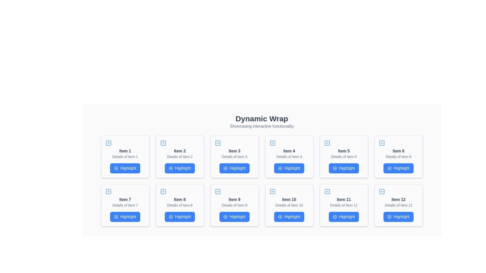 The height and width of the screenshot is (273, 486). Describe the element at coordinates (272, 192) in the screenshot. I see `the top-left sub-element of the icon associated with 'Item 10' in the grid layout, which is a minimalistic square shape with rounded corners and a transparent fill` at that location.